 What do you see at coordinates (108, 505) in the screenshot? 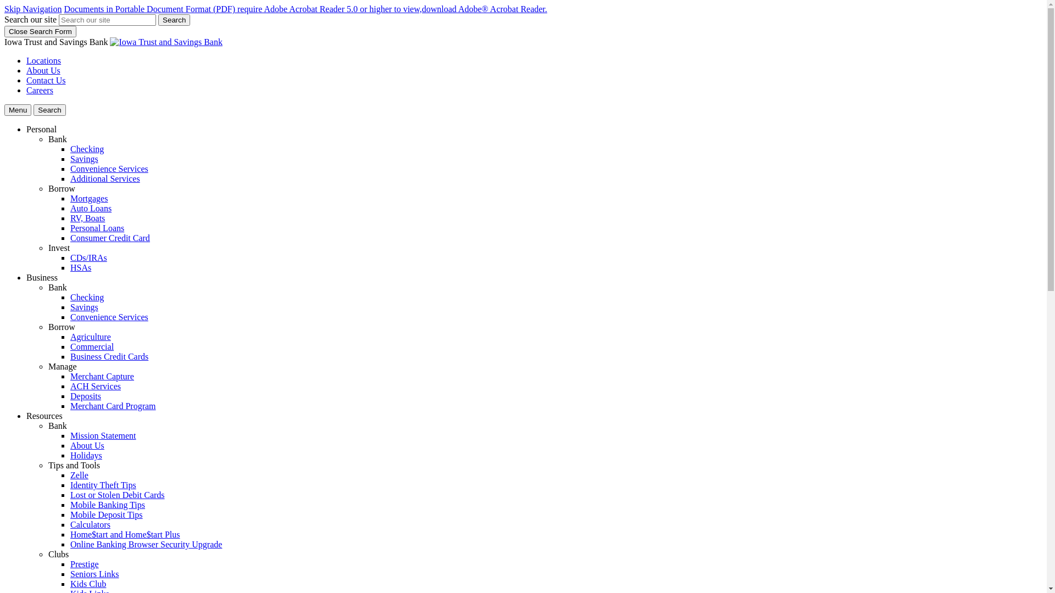
I see `'Mobile Banking Tips'` at bounding box center [108, 505].